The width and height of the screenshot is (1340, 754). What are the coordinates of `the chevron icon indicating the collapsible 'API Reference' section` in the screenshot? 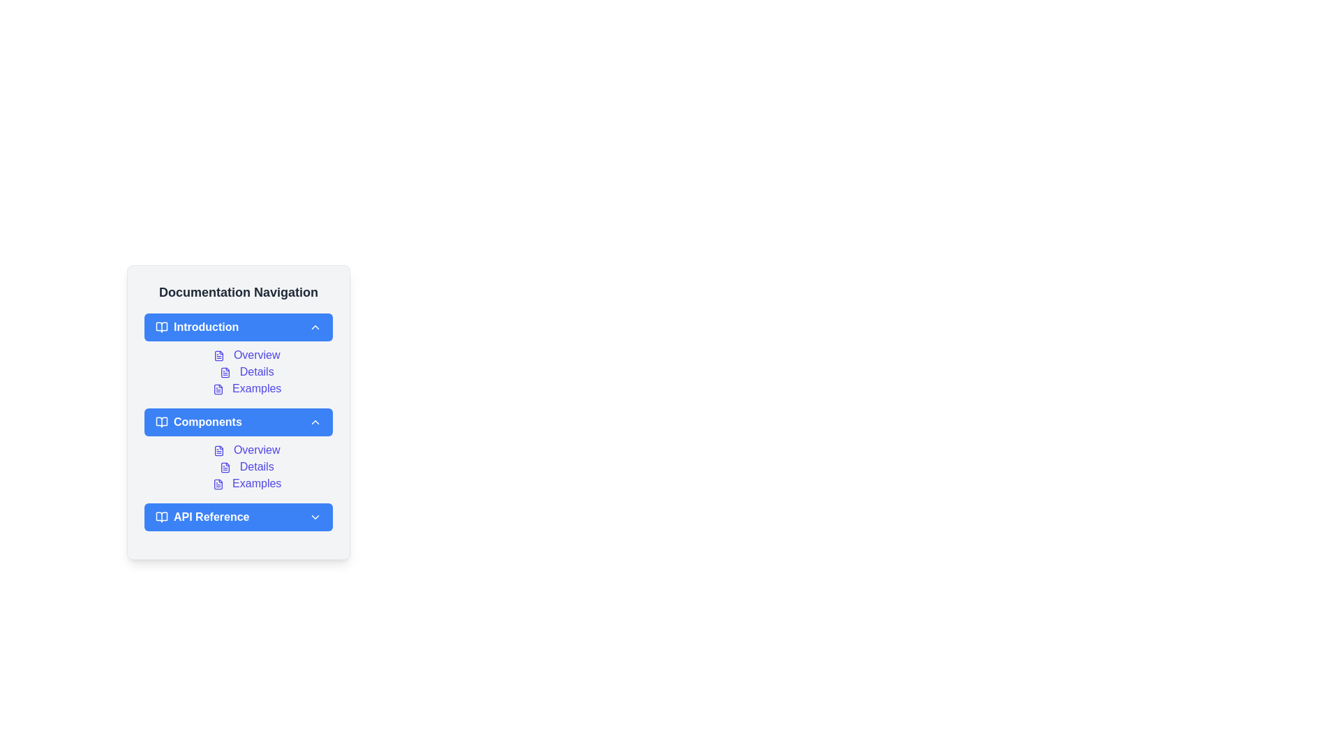 It's located at (314, 517).